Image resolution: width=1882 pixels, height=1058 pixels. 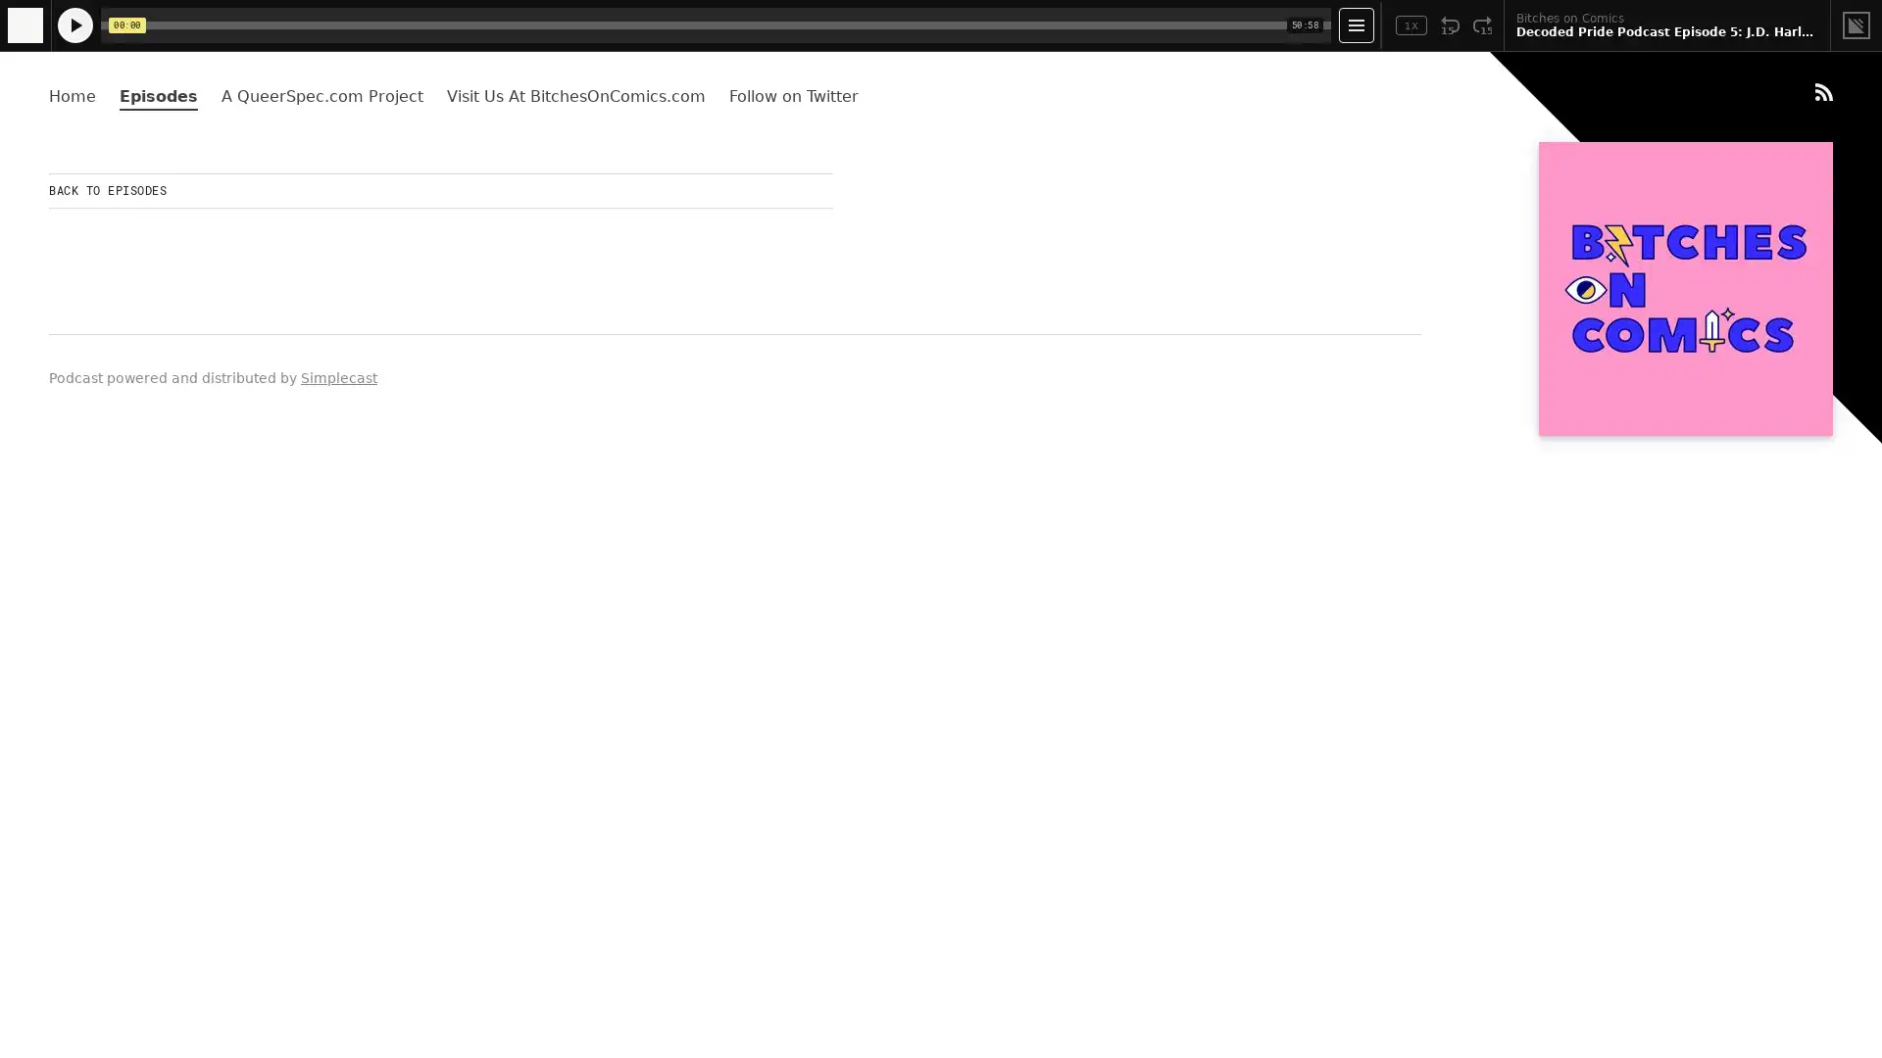 What do you see at coordinates (249, 263) in the screenshot?
I see `Play` at bounding box center [249, 263].